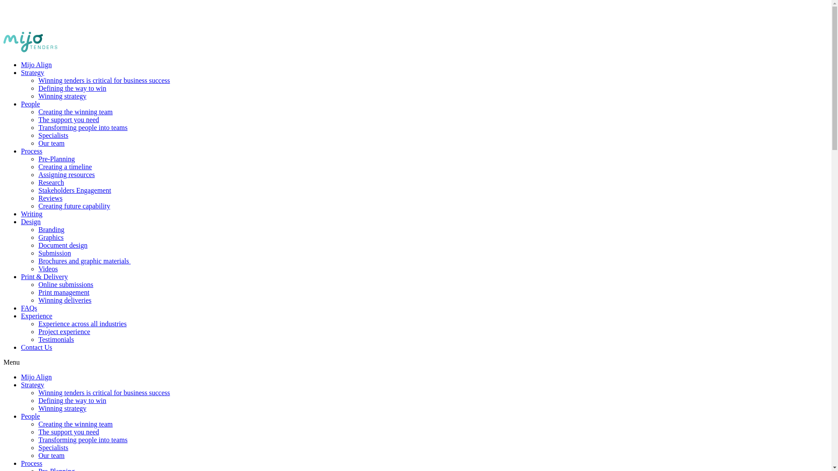 This screenshot has height=471, width=838. Describe the element at coordinates (21, 307) in the screenshot. I see `'FAQs'` at that location.